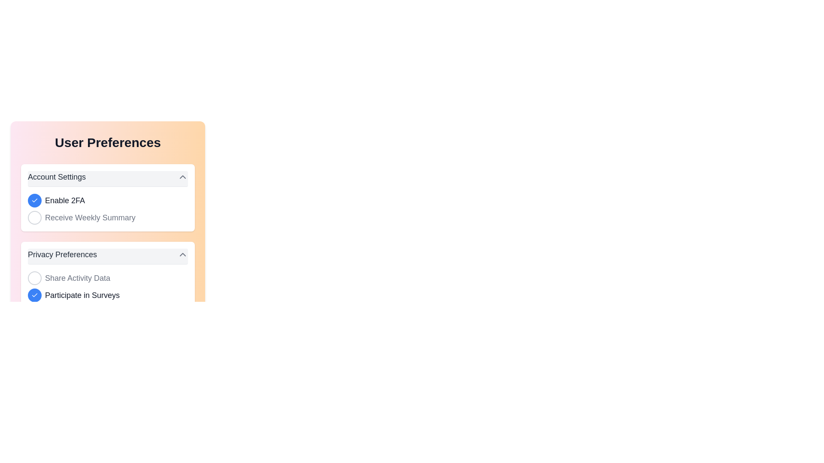 The image size is (824, 463). Describe the element at coordinates (107, 275) in the screenshot. I see `the 'Privacy Preferences' multi-option settings panel` at that location.